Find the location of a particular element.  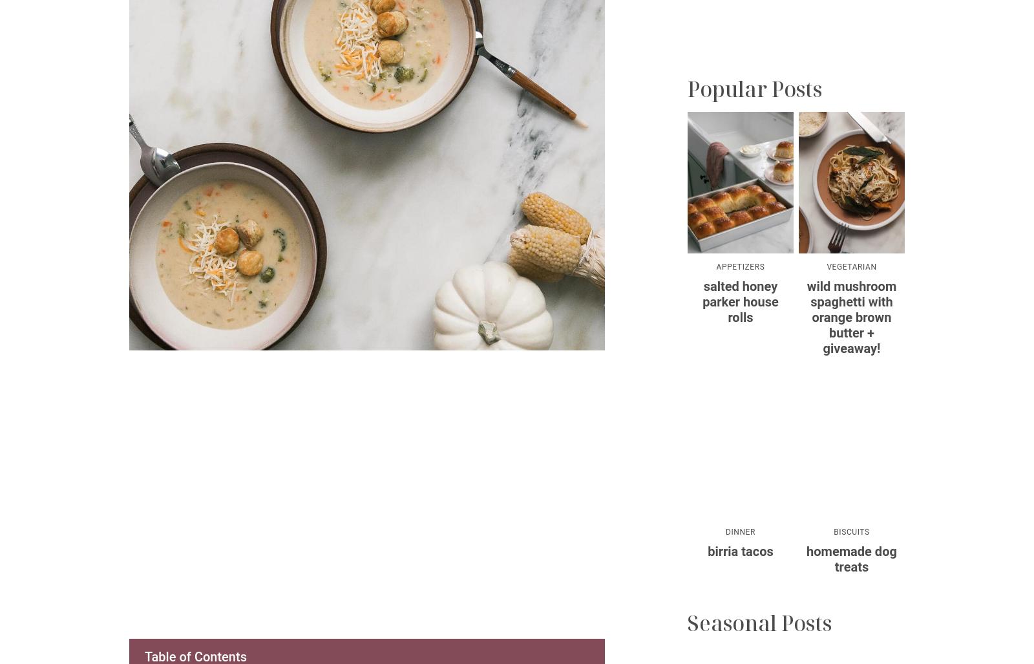

'Appetizers' is located at coordinates (740, 266).